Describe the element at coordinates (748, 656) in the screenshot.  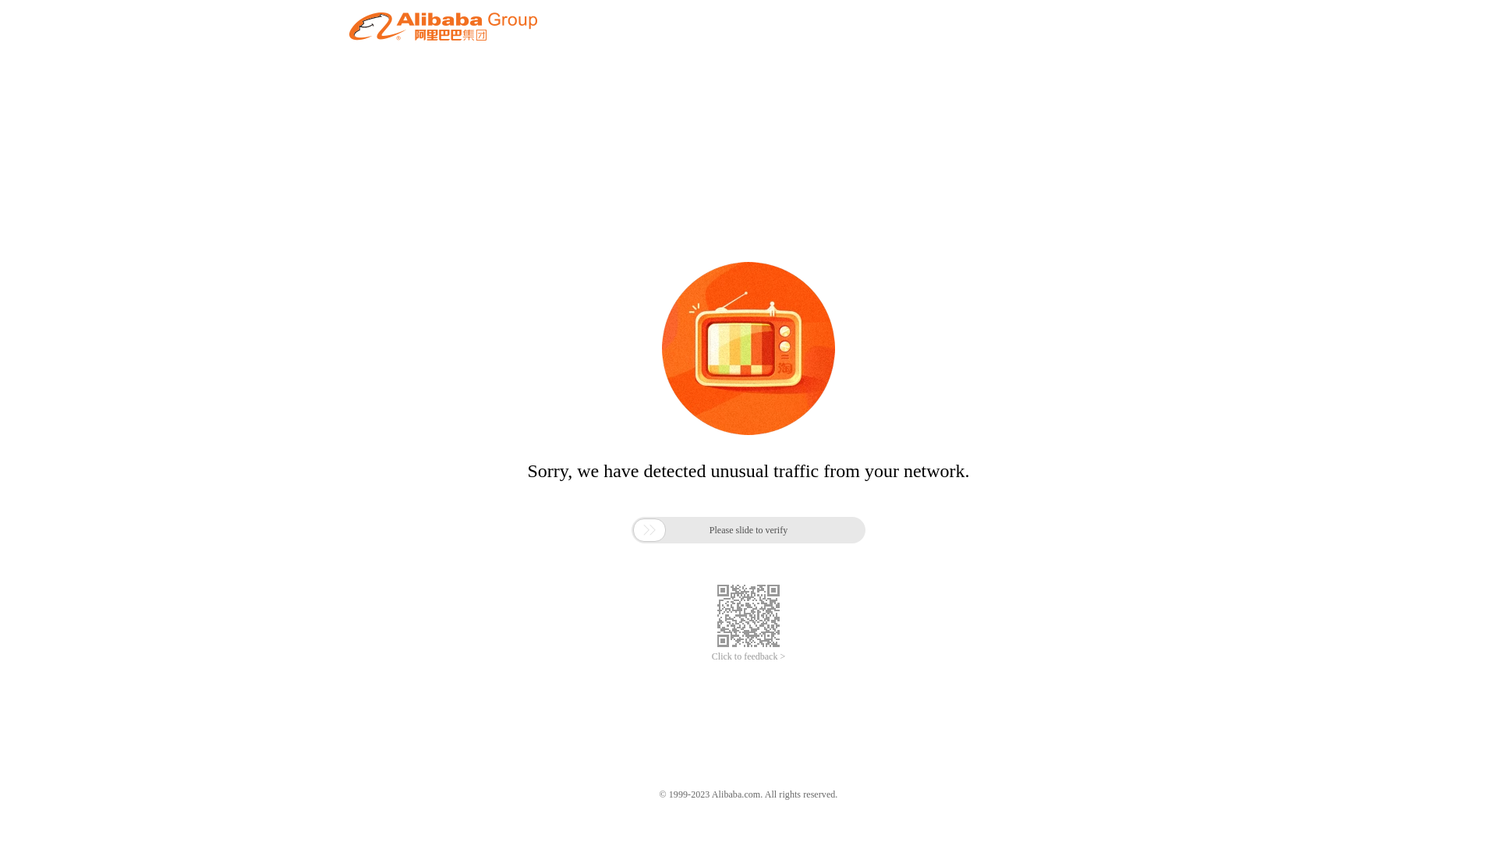
I see `'Click to feedback >'` at that location.